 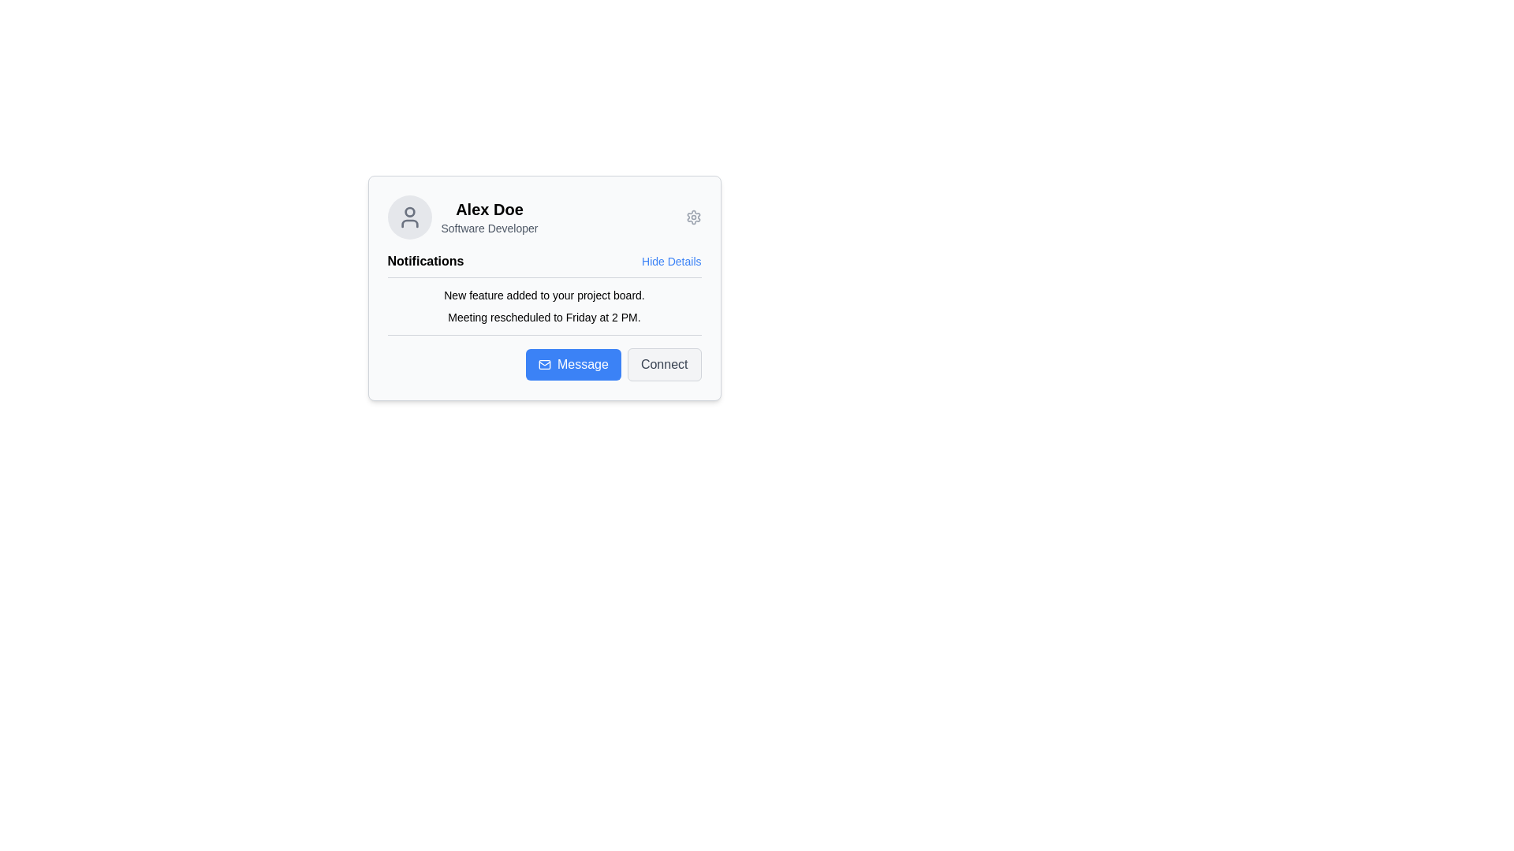 I want to click on the rectangular blue button labeled 'Message' with a mail envelope icon, located at the bottom-right section of the card interface, so click(x=544, y=364).